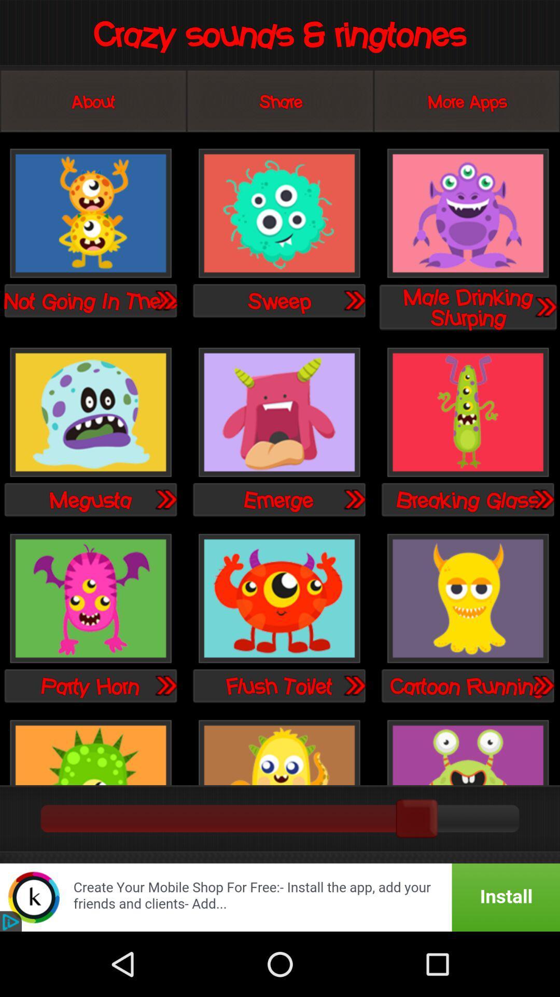 The height and width of the screenshot is (997, 560). Describe the element at coordinates (165, 499) in the screenshot. I see `hear` at that location.